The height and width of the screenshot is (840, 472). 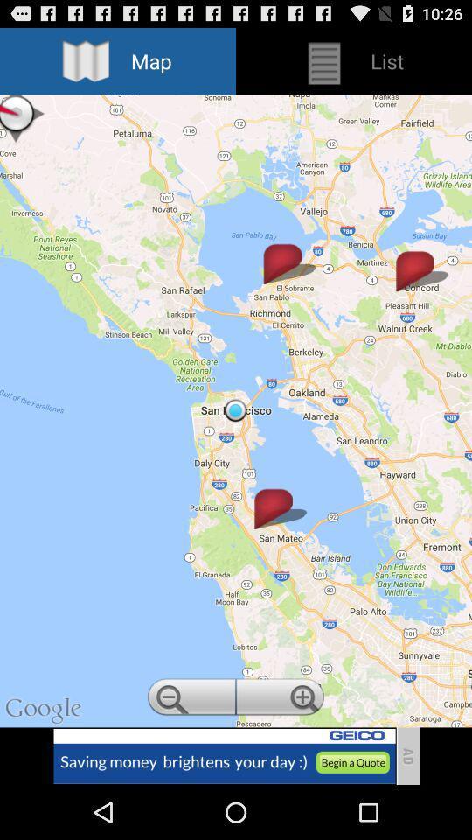 I want to click on press advertisement on bottom, so click(x=224, y=755).